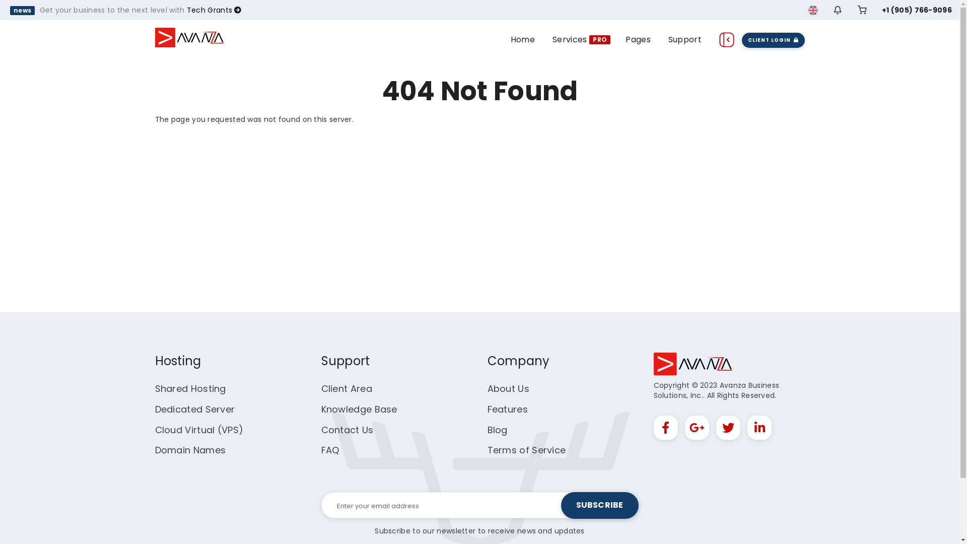  Describe the element at coordinates (321, 388) in the screenshot. I see `'Client Area'` at that location.